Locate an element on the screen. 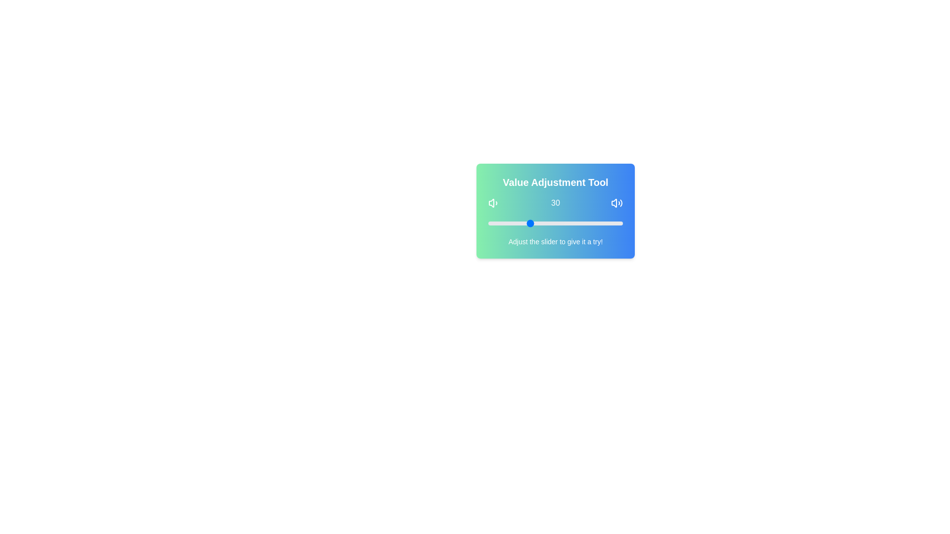 The image size is (950, 534). the slider is located at coordinates (602, 223).